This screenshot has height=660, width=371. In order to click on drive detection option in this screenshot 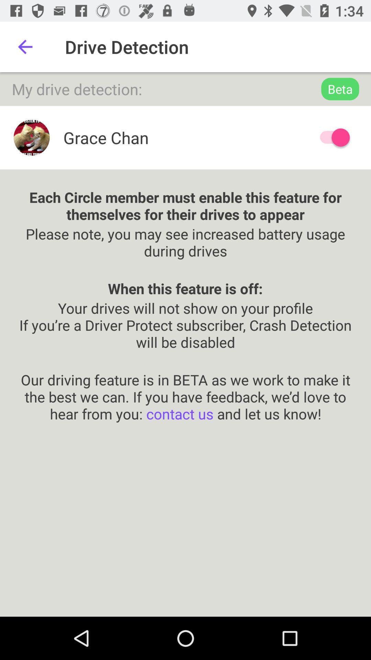, I will do `click(331, 137)`.